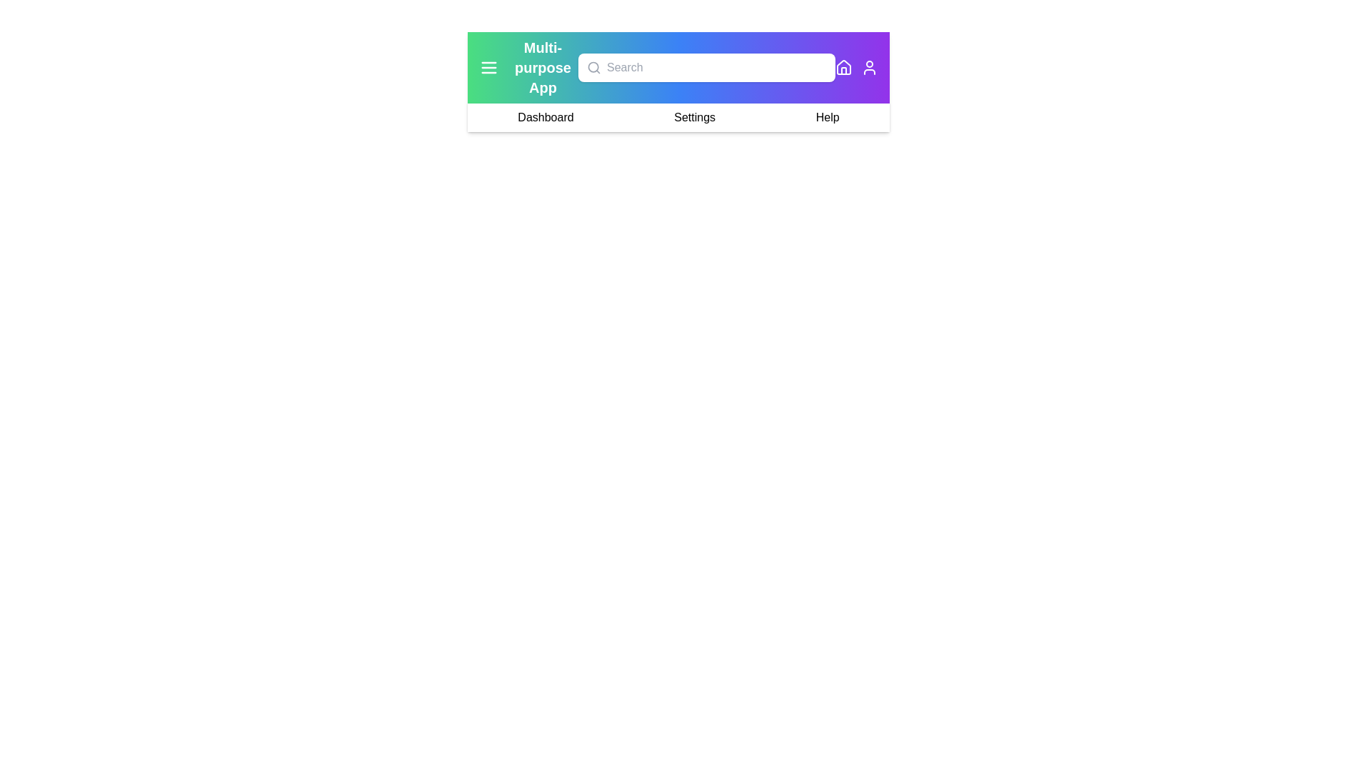  What do you see at coordinates (827, 117) in the screenshot?
I see `the 'Help' button in the navigation bar` at bounding box center [827, 117].